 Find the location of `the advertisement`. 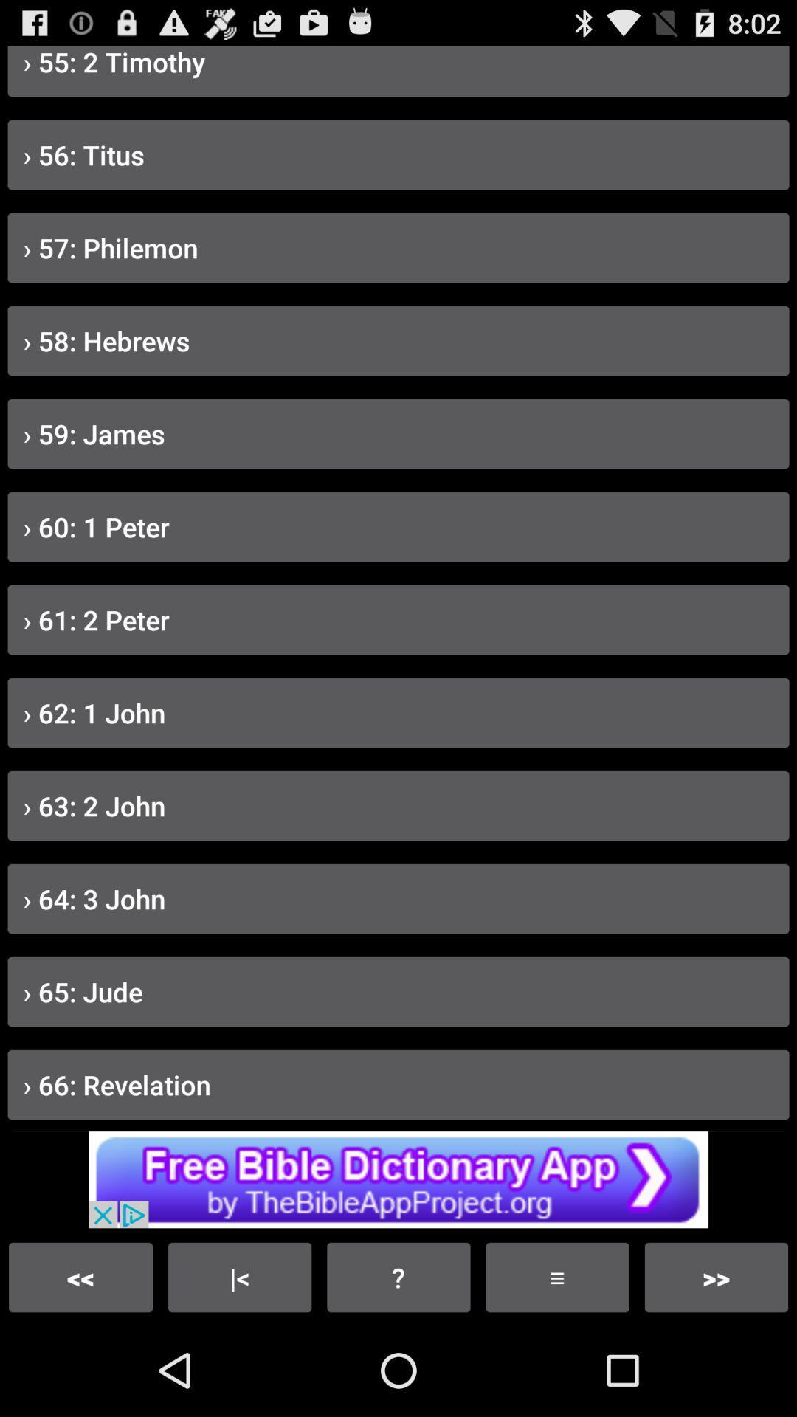

the advertisement is located at coordinates (398, 1179).